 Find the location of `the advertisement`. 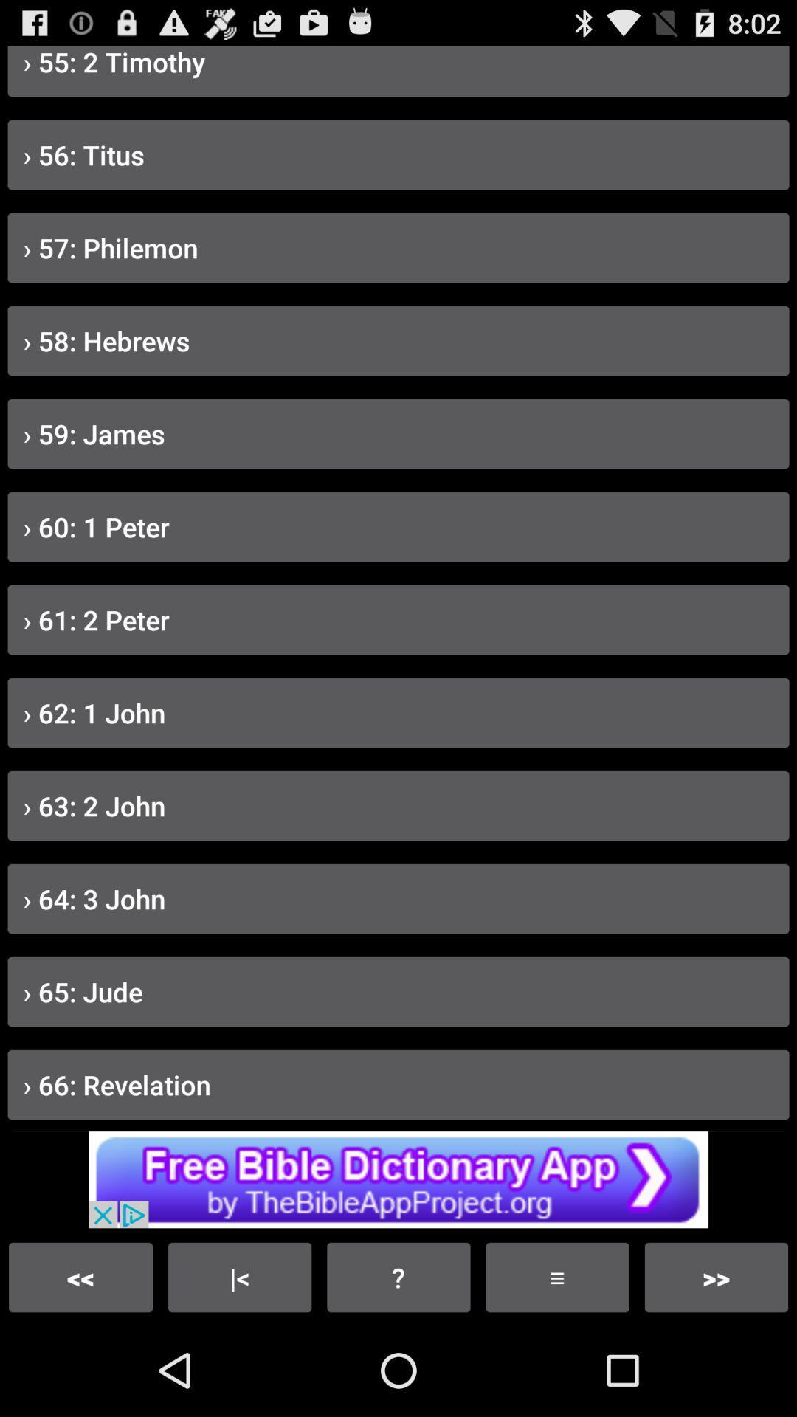

the advertisement is located at coordinates (398, 1179).